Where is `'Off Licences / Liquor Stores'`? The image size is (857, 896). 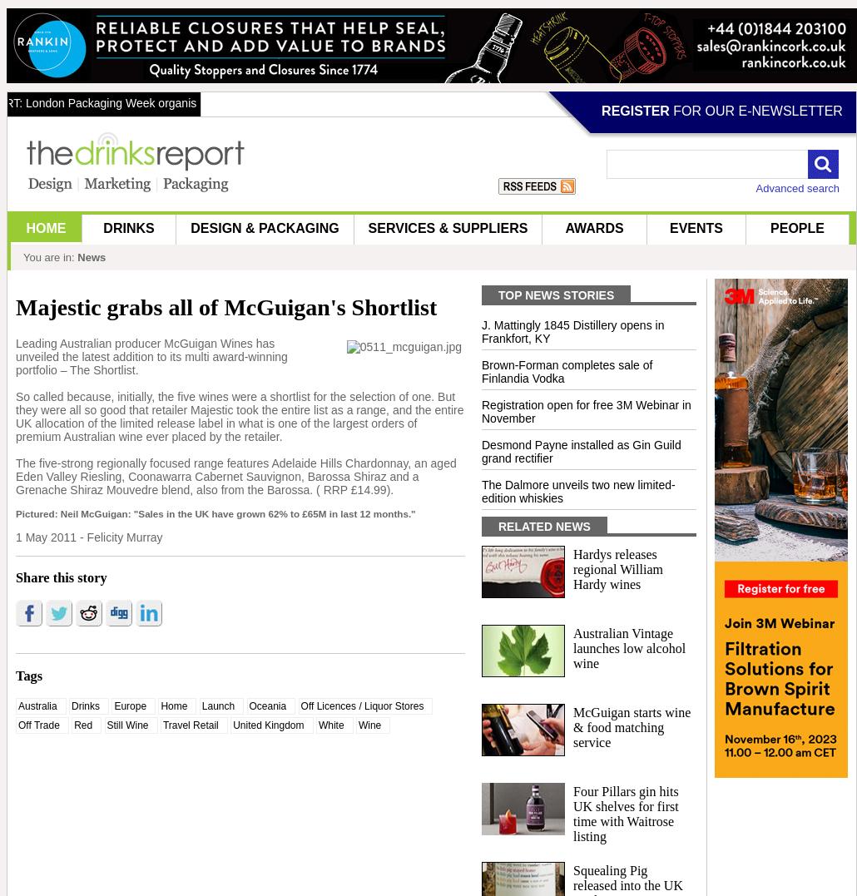 'Off Licences / Liquor Stores' is located at coordinates (360, 705).